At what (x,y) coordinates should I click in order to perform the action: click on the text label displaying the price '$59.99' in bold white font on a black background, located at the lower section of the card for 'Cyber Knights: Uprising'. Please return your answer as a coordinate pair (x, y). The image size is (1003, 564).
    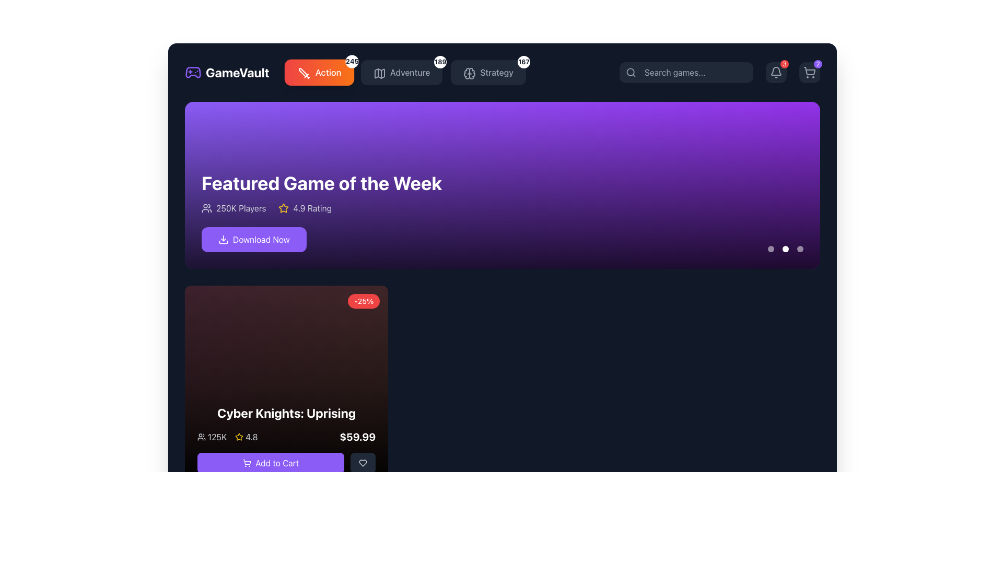
    Looking at the image, I should click on (357, 437).